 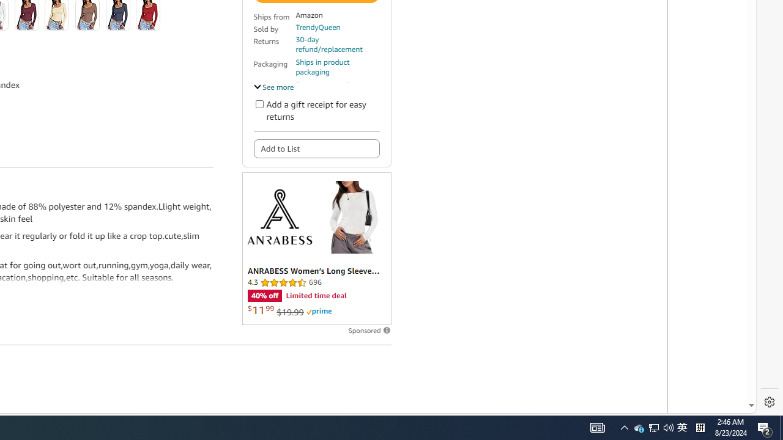 What do you see at coordinates (278, 216) in the screenshot?
I see `'Logo'` at bounding box center [278, 216].